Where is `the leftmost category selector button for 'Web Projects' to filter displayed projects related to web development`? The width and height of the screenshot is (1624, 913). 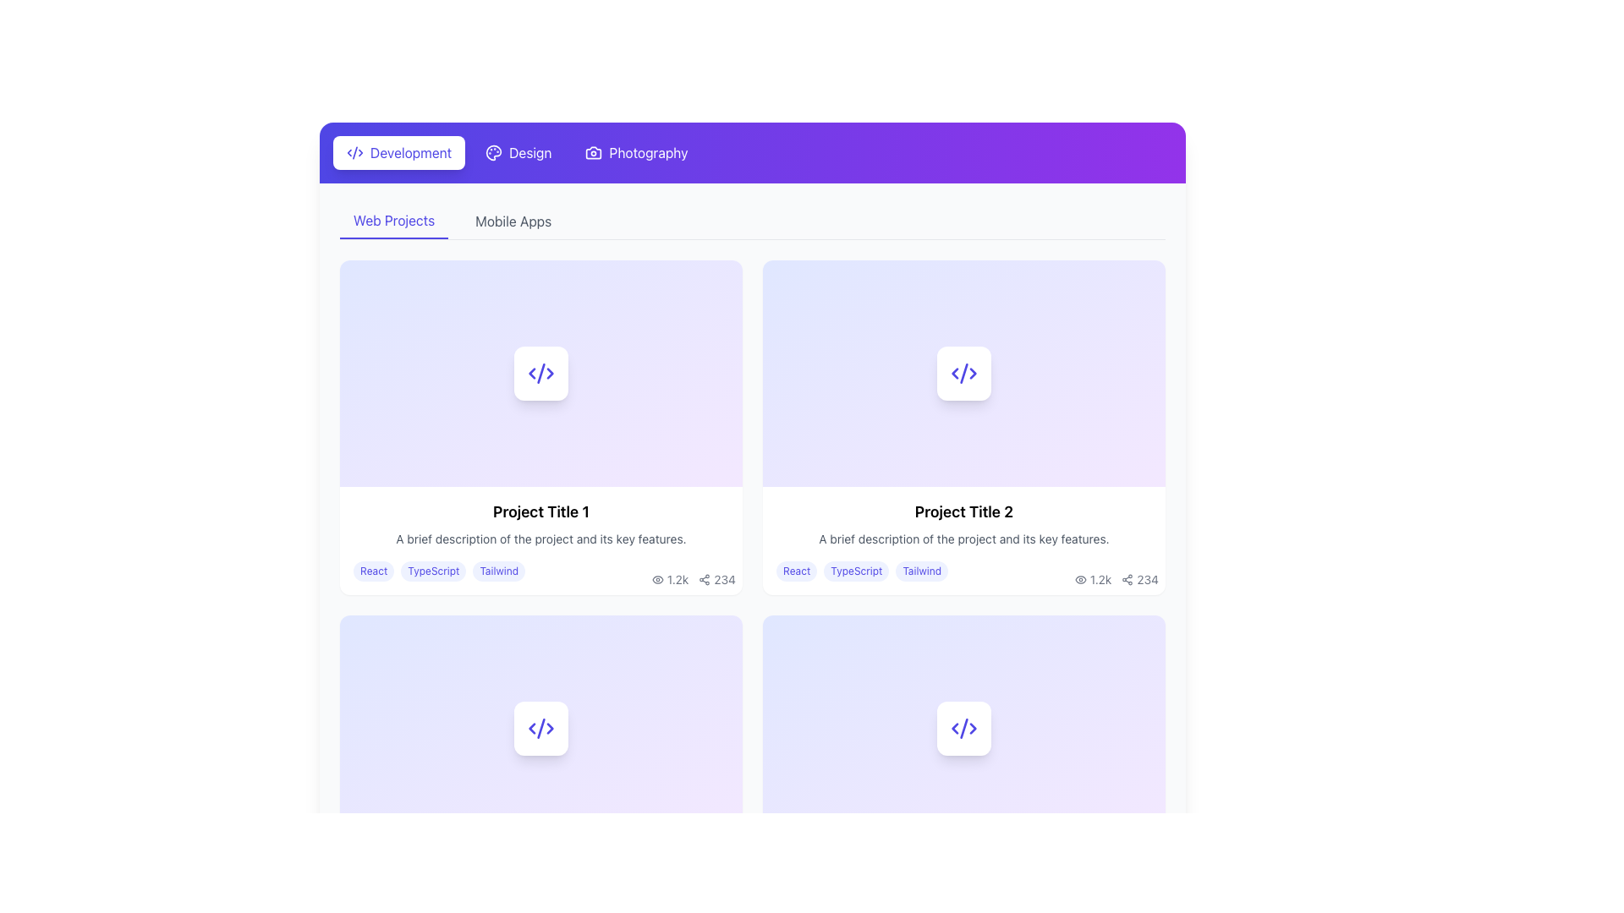
the leftmost category selector button for 'Web Projects' to filter displayed projects related to web development is located at coordinates (392, 221).